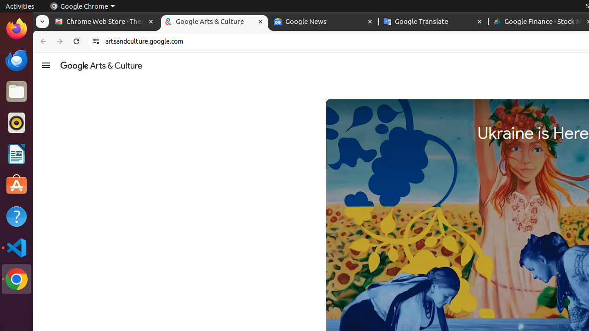 This screenshot has width=589, height=331. What do you see at coordinates (41, 41) in the screenshot?
I see `'Back'` at bounding box center [41, 41].